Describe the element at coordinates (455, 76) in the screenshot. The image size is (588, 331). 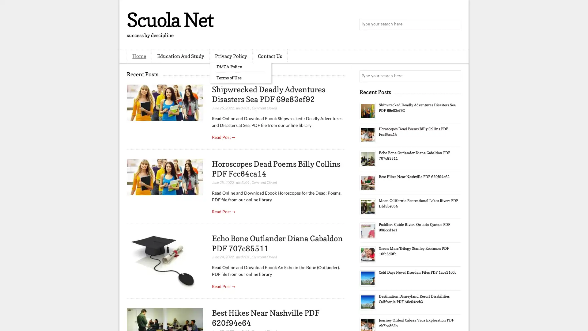
I see `Search` at that location.